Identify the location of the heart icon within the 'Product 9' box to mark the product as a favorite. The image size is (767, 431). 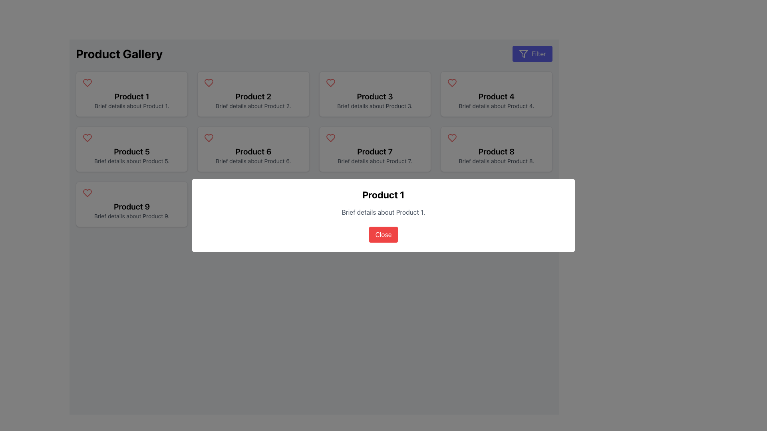
(87, 193).